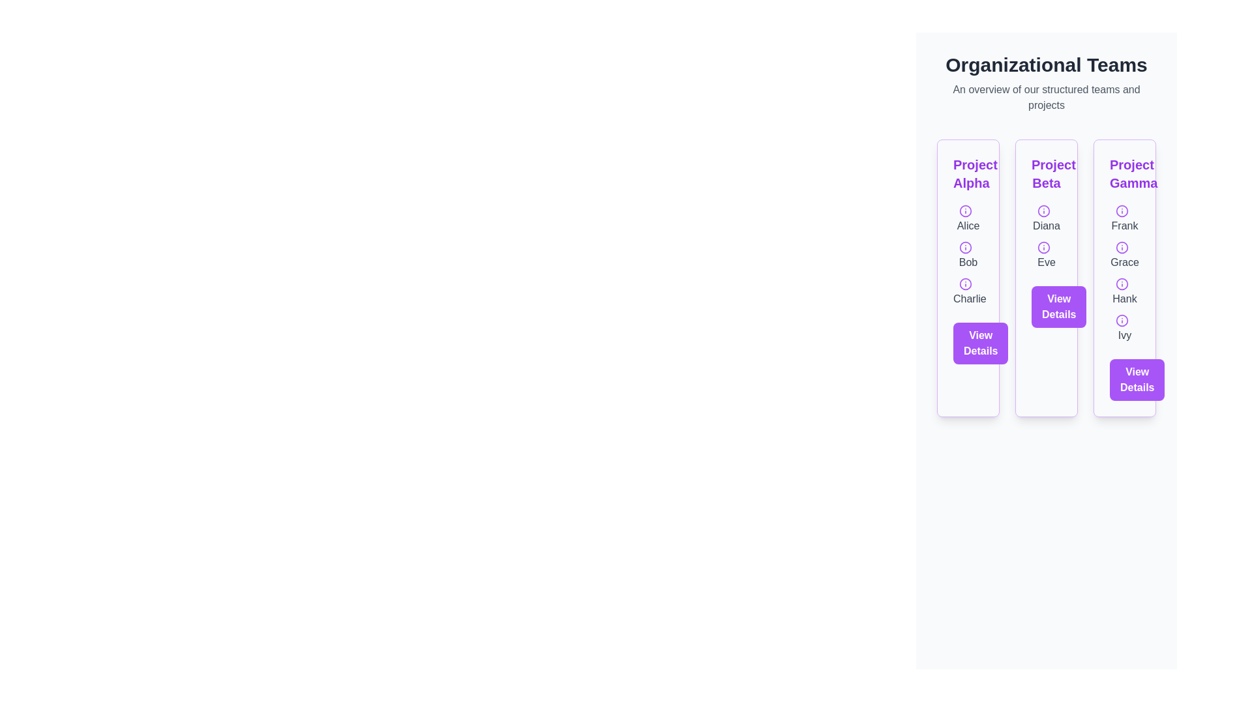 This screenshot has width=1252, height=704. Describe the element at coordinates (966, 246) in the screenshot. I see `the informational icon next to the name 'Bob' in the user list under 'Project Alpha'` at that location.